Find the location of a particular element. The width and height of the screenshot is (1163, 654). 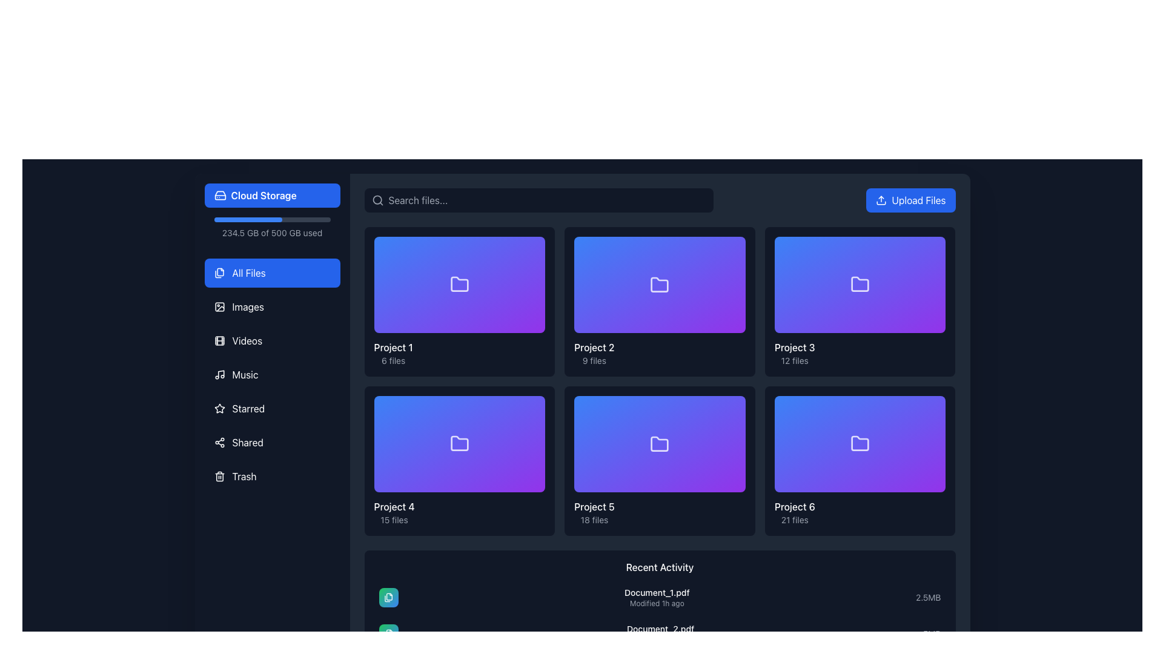

the static text display for 'Project 5' which includes the text 'Project 5' in bold and '18 files' in gray below it is located at coordinates (594, 513).